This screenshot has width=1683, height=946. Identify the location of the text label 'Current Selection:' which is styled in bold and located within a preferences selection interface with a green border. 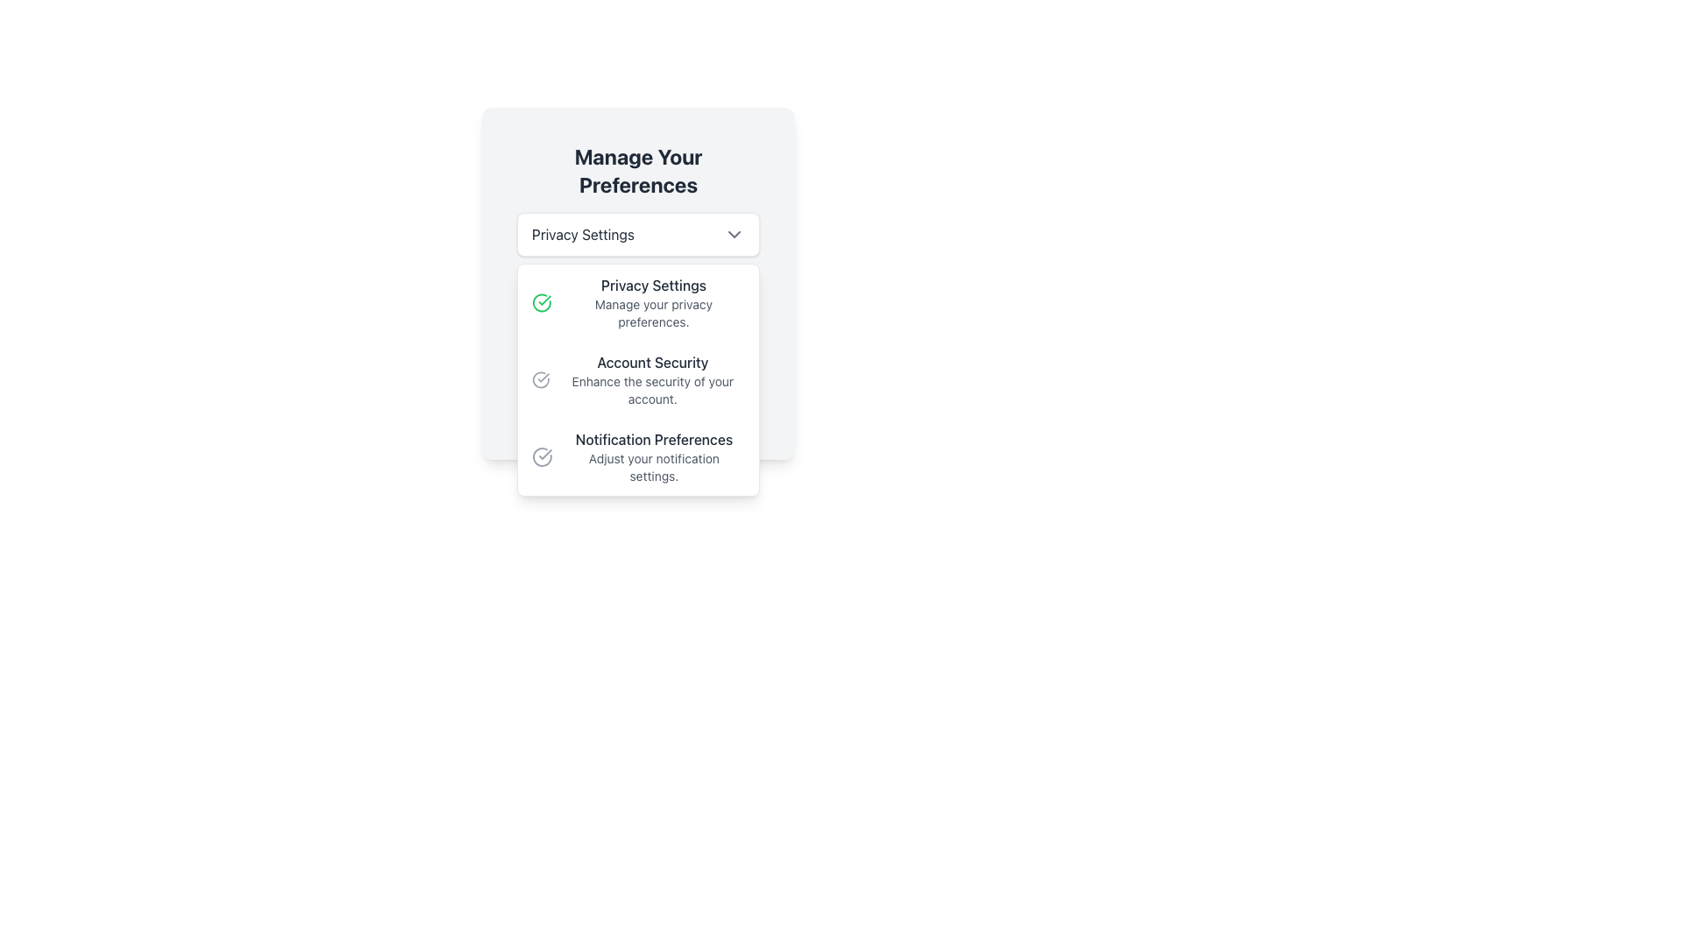
(639, 300).